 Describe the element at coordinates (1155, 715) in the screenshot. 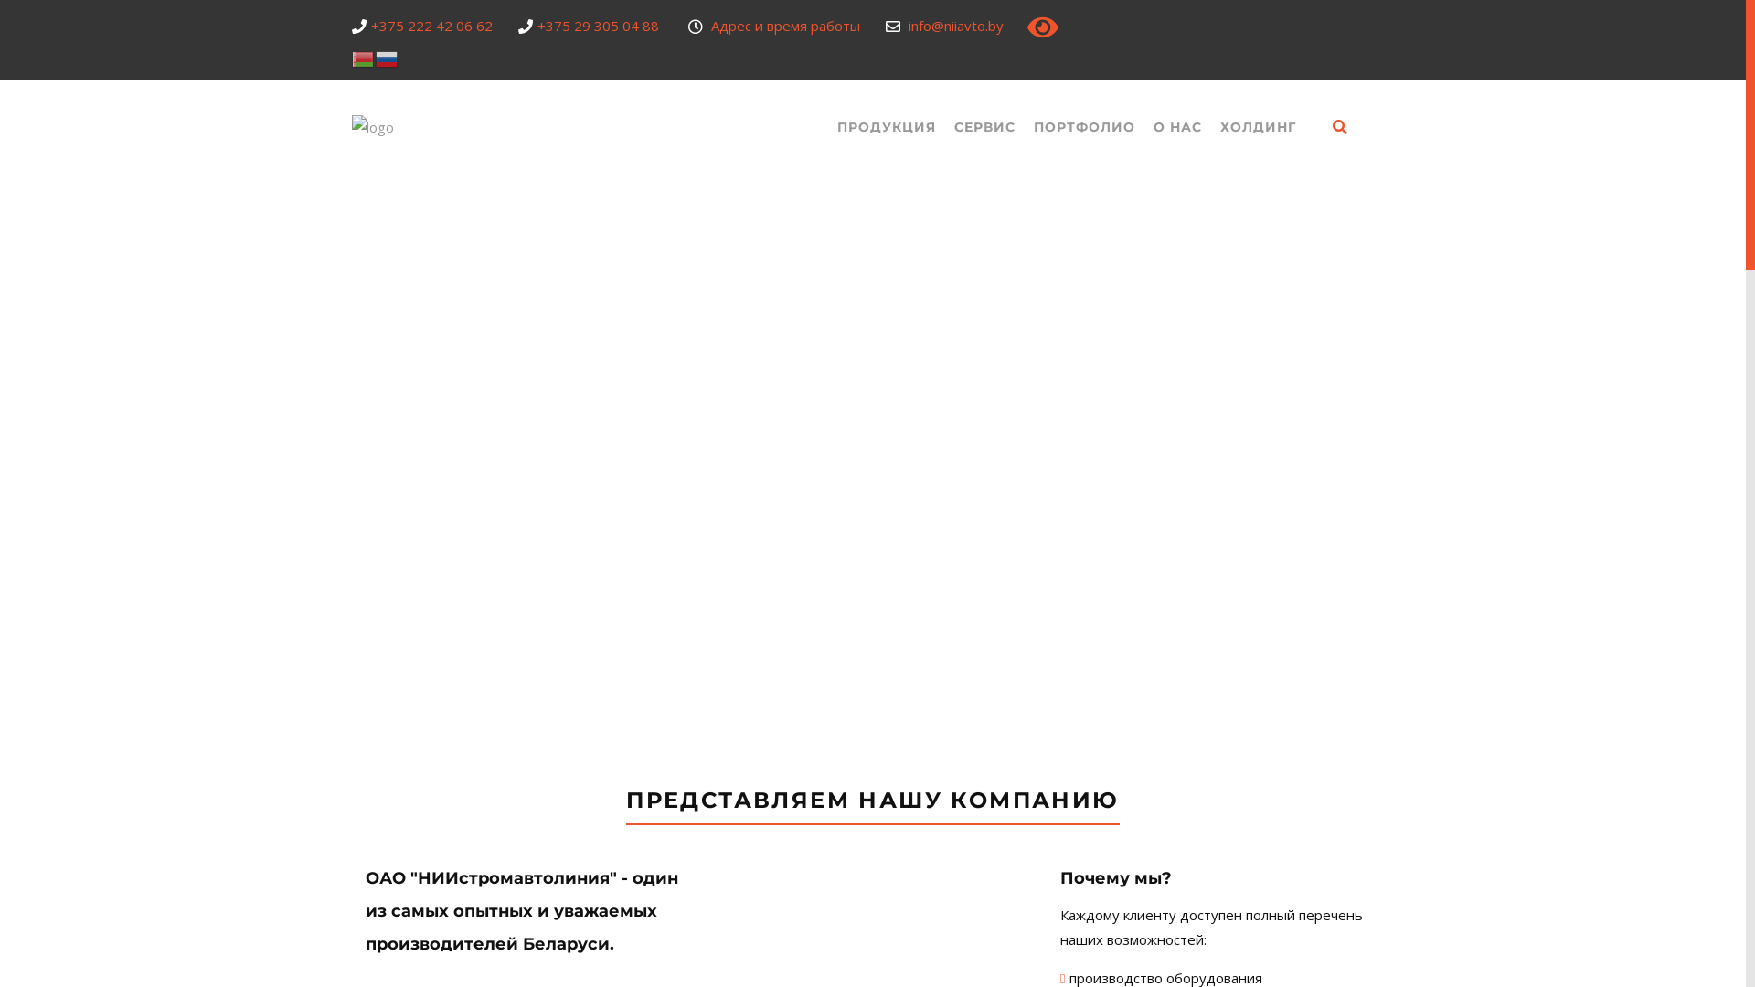

I see `'+375 29 305 04 88'` at that location.